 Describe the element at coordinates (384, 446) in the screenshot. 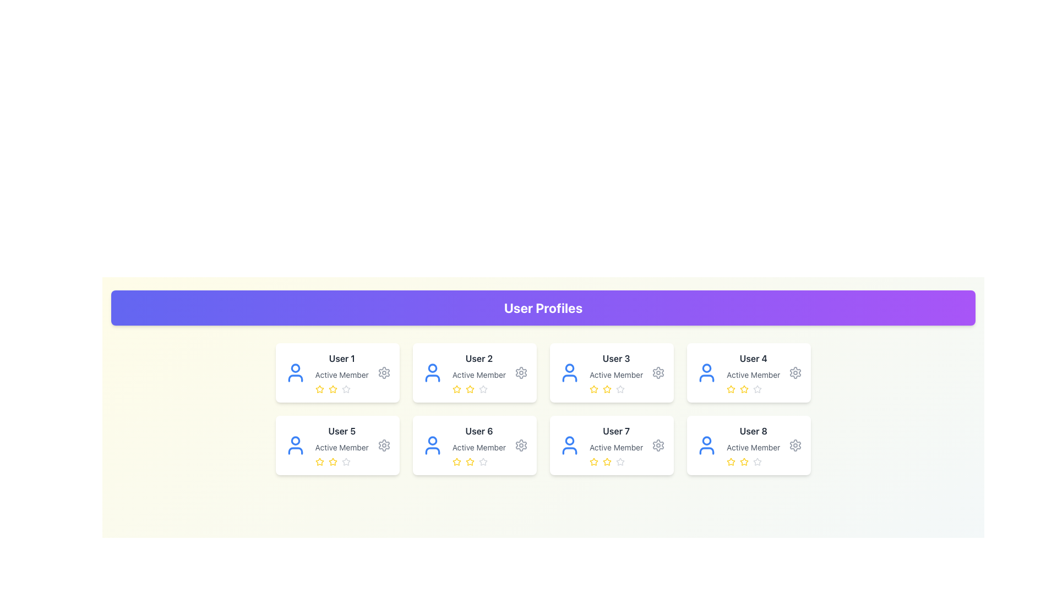

I see `the gray gear icon button located in the bottom-right corner of the user card for 'User 5'` at that location.